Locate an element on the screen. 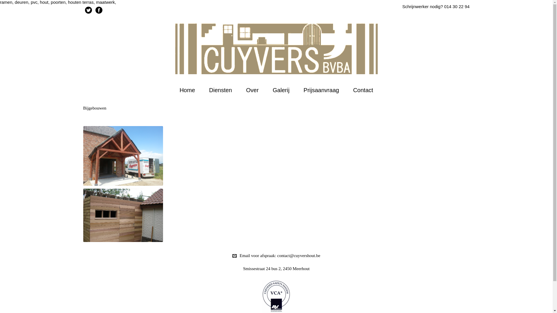  'Over' is located at coordinates (252, 90).